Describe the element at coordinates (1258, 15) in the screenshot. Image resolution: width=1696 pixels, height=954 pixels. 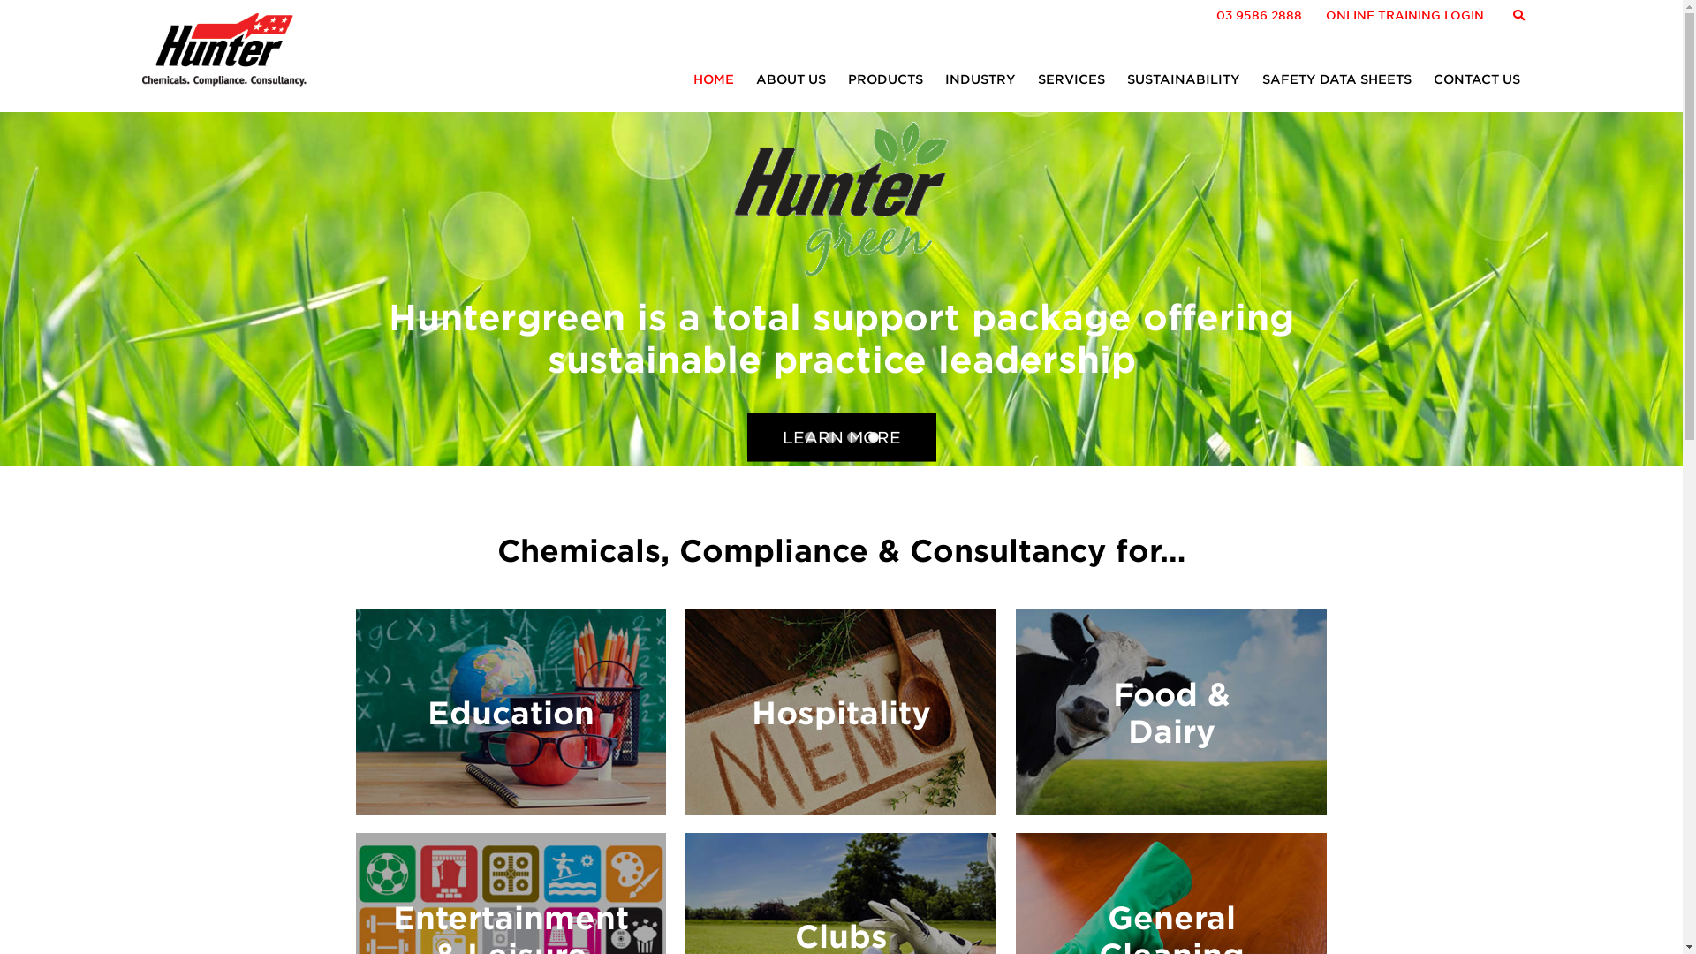
I see `'03 9586 2888'` at that location.